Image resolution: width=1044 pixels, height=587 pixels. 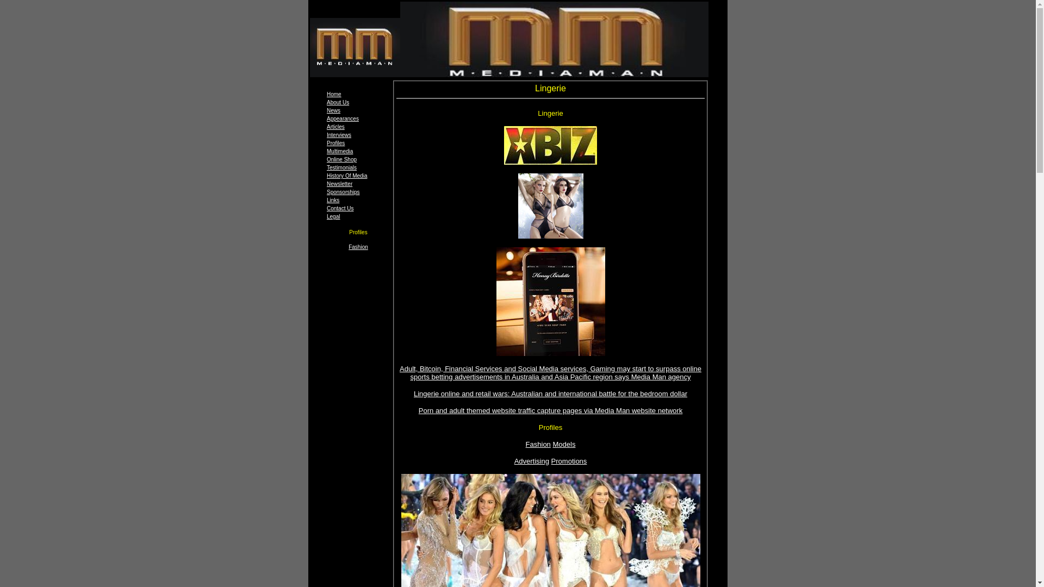 What do you see at coordinates (332, 200) in the screenshot?
I see `'Links'` at bounding box center [332, 200].